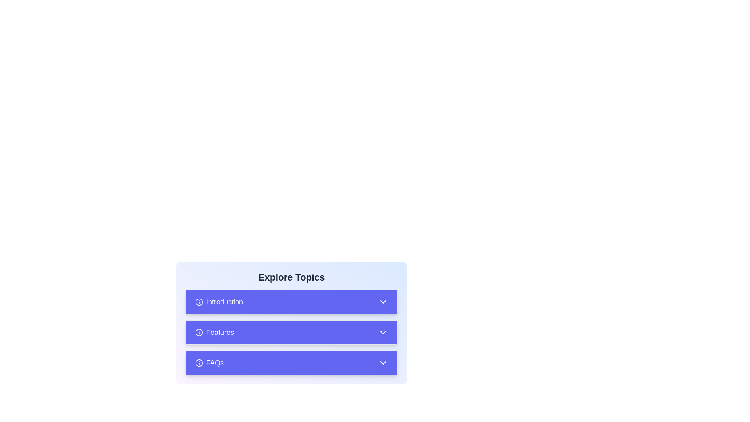 The height and width of the screenshot is (422, 750). Describe the element at coordinates (291, 363) in the screenshot. I see `the third button in the vertically stacked list, located below the 'Features' button` at that location.